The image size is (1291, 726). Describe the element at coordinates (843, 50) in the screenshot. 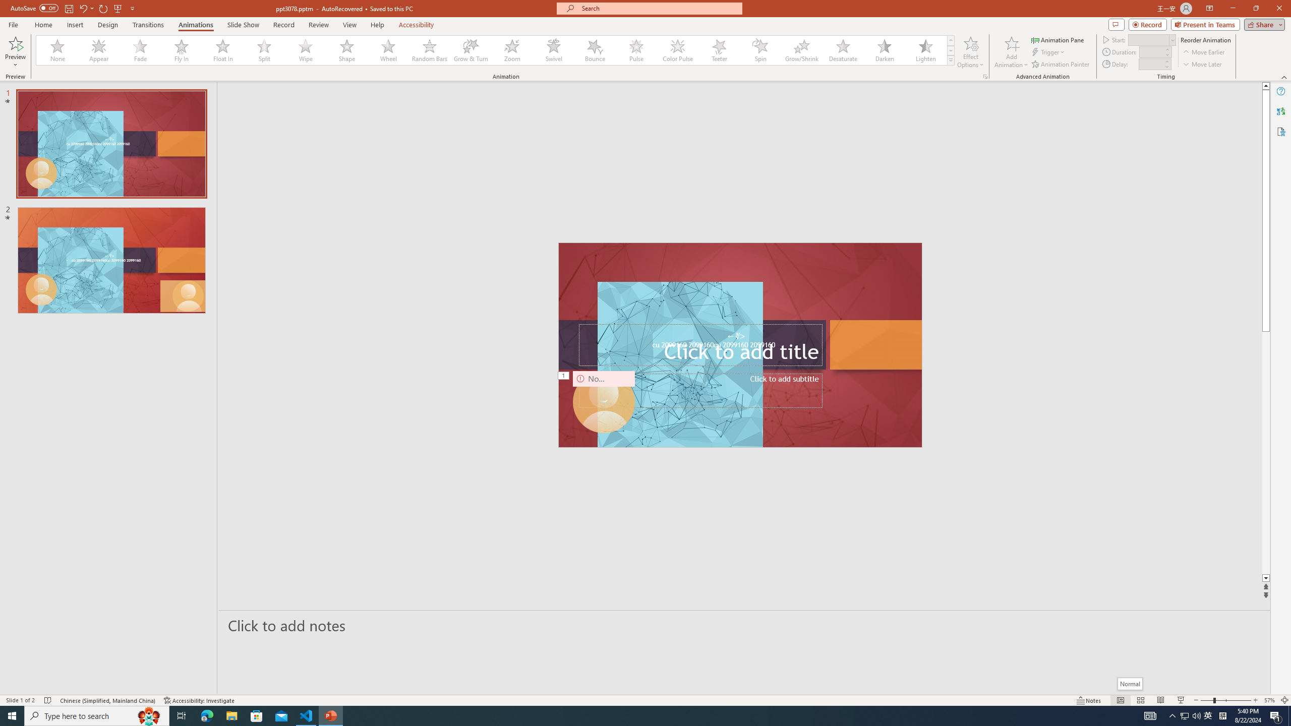

I see `'Desaturate'` at that location.